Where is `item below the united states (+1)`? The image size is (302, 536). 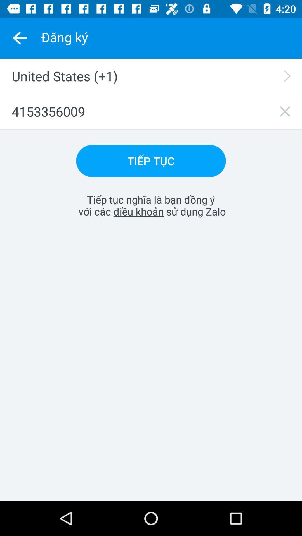
item below the united states (+1) is located at coordinates (151, 111).